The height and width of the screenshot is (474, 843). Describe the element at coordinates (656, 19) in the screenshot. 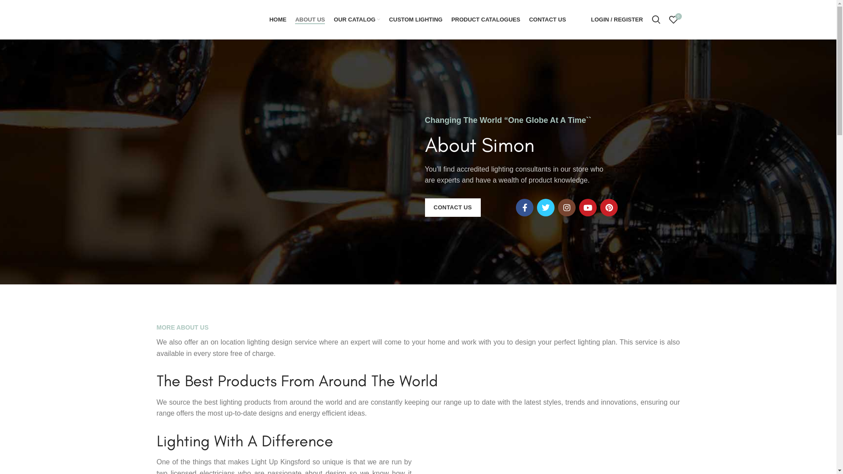

I see `'Search'` at that location.